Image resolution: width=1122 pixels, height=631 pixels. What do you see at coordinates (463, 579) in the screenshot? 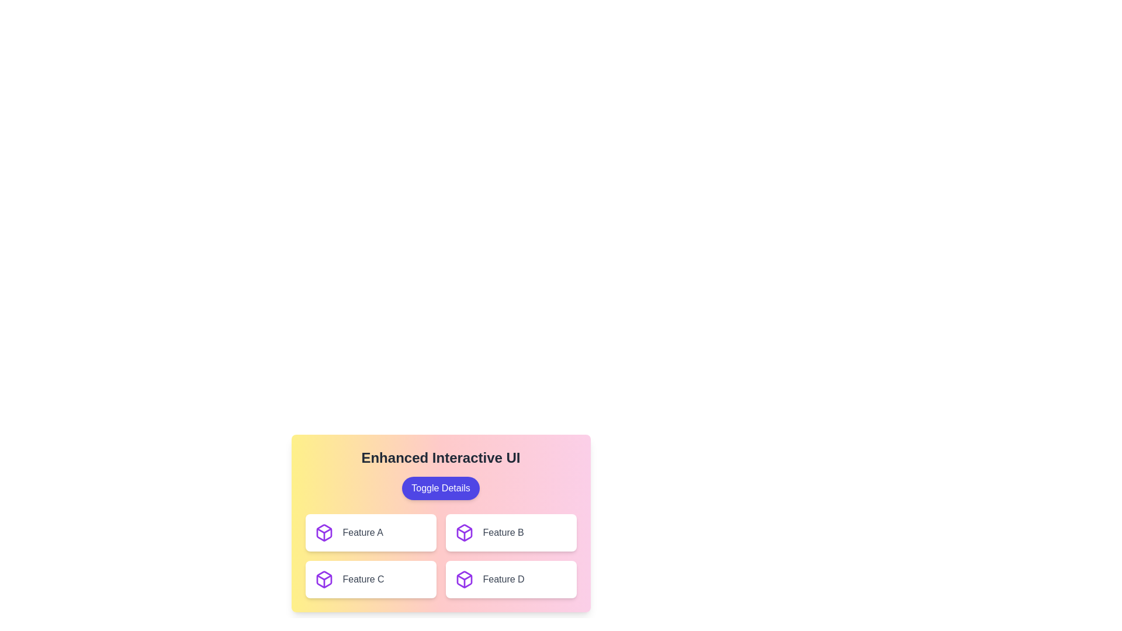
I see `the purple three-dimensional box icon representing Feature D, which is located in the lower-right corner of the grid among other icons` at bounding box center [463, 579].